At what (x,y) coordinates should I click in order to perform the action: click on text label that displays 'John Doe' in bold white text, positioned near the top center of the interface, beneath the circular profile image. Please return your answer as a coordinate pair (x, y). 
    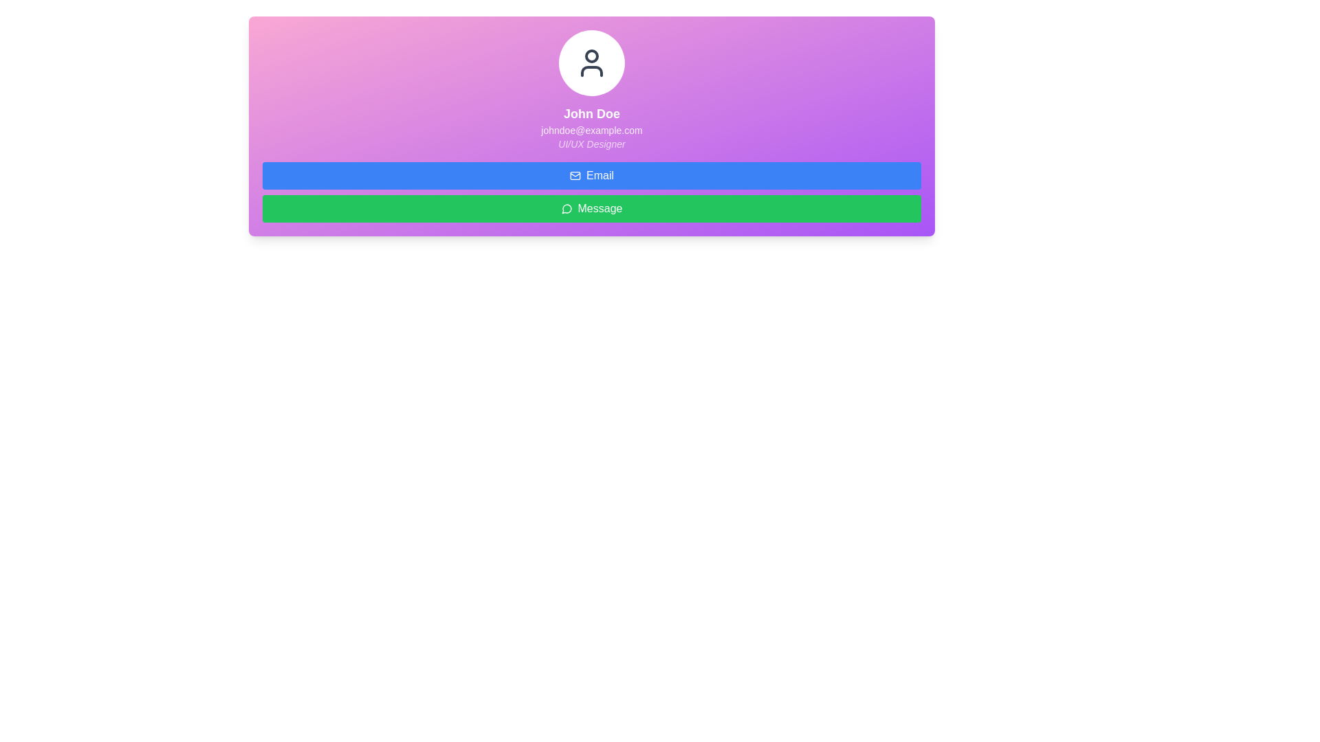
    Looking at the image, I should click on (591, 113).